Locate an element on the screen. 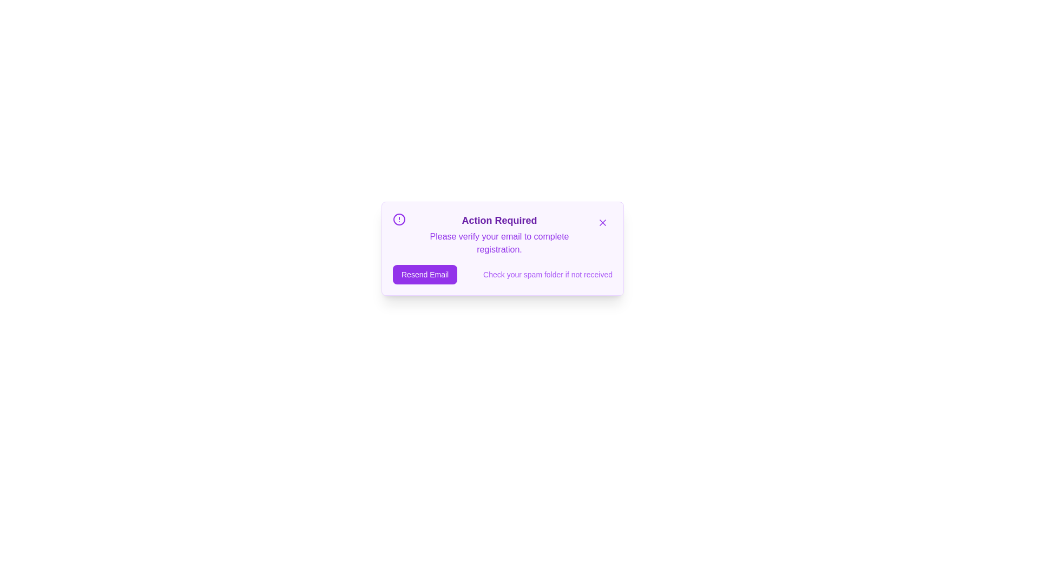  the alert icon to focus on it is located at coordinates (399, 219).